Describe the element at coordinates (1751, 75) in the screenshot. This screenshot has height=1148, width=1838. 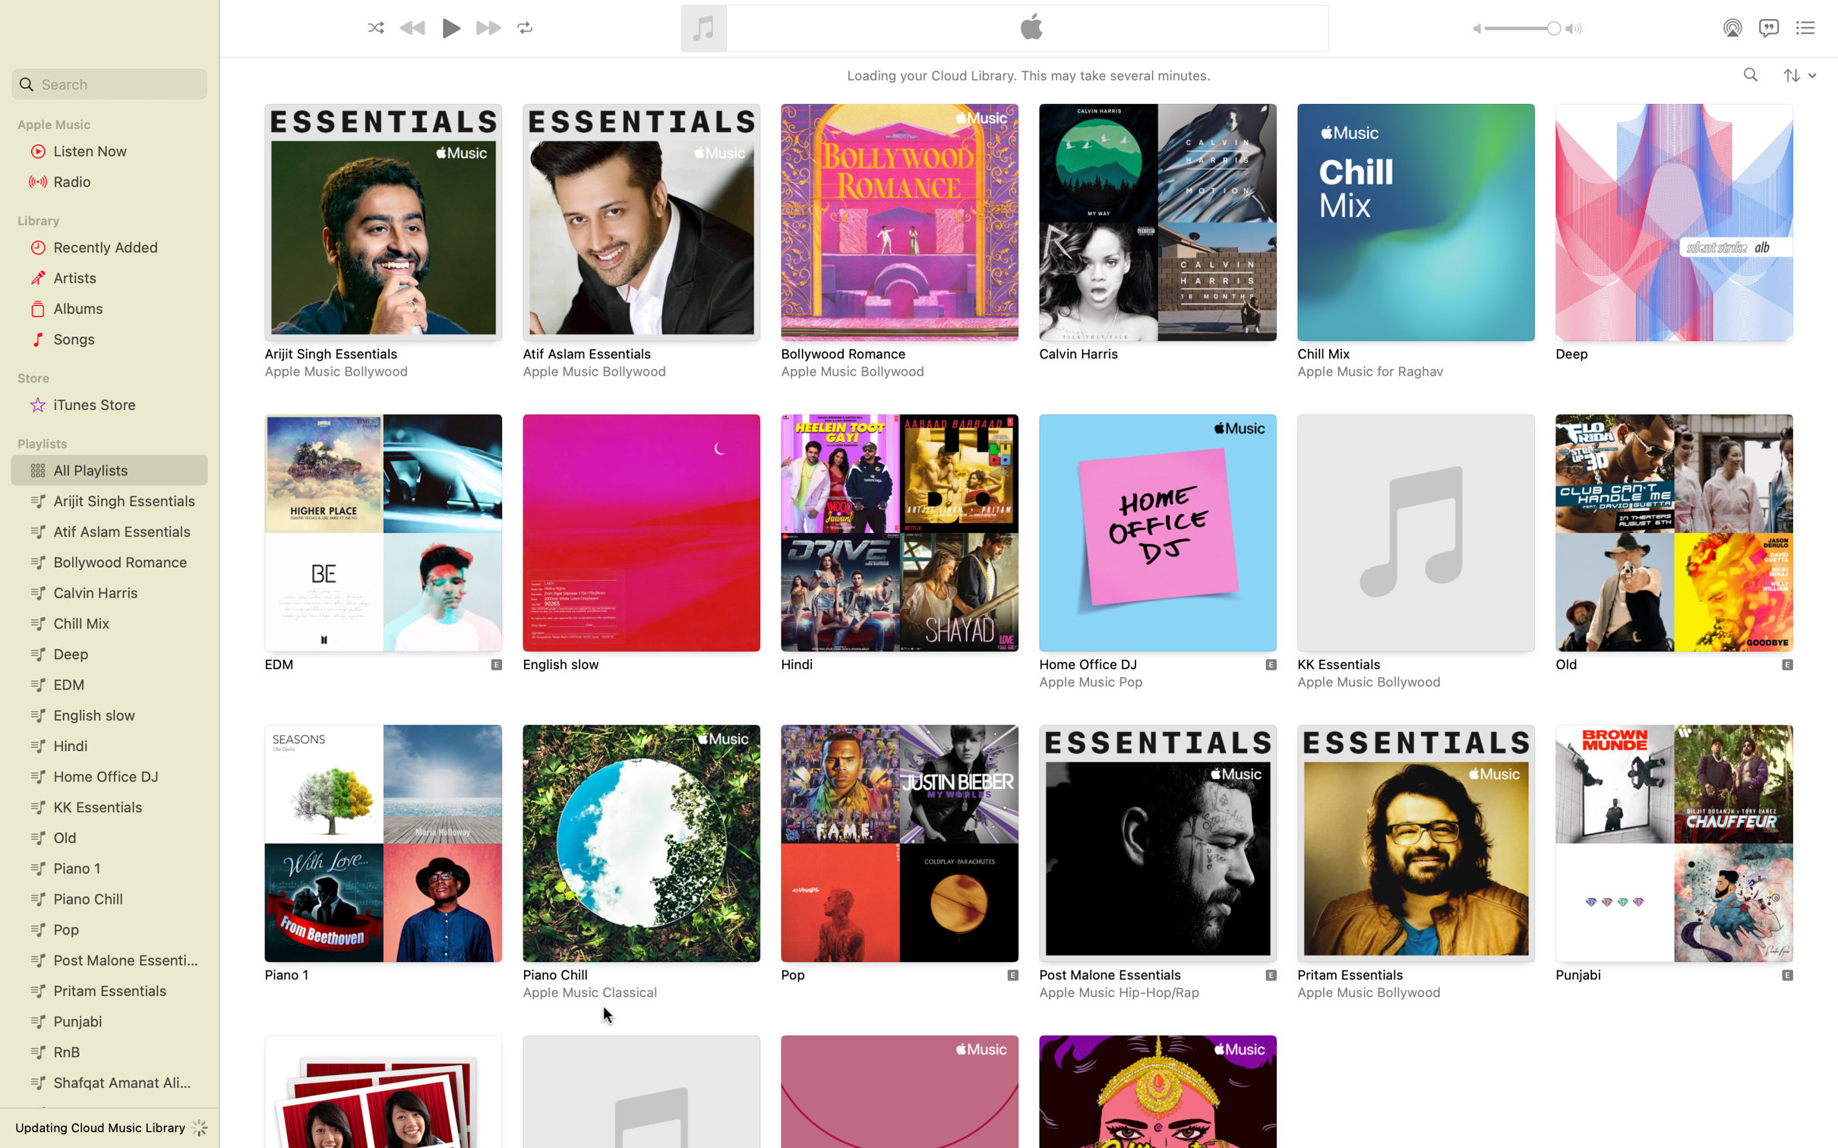
I see `Look up the musician "Adele` at that location.